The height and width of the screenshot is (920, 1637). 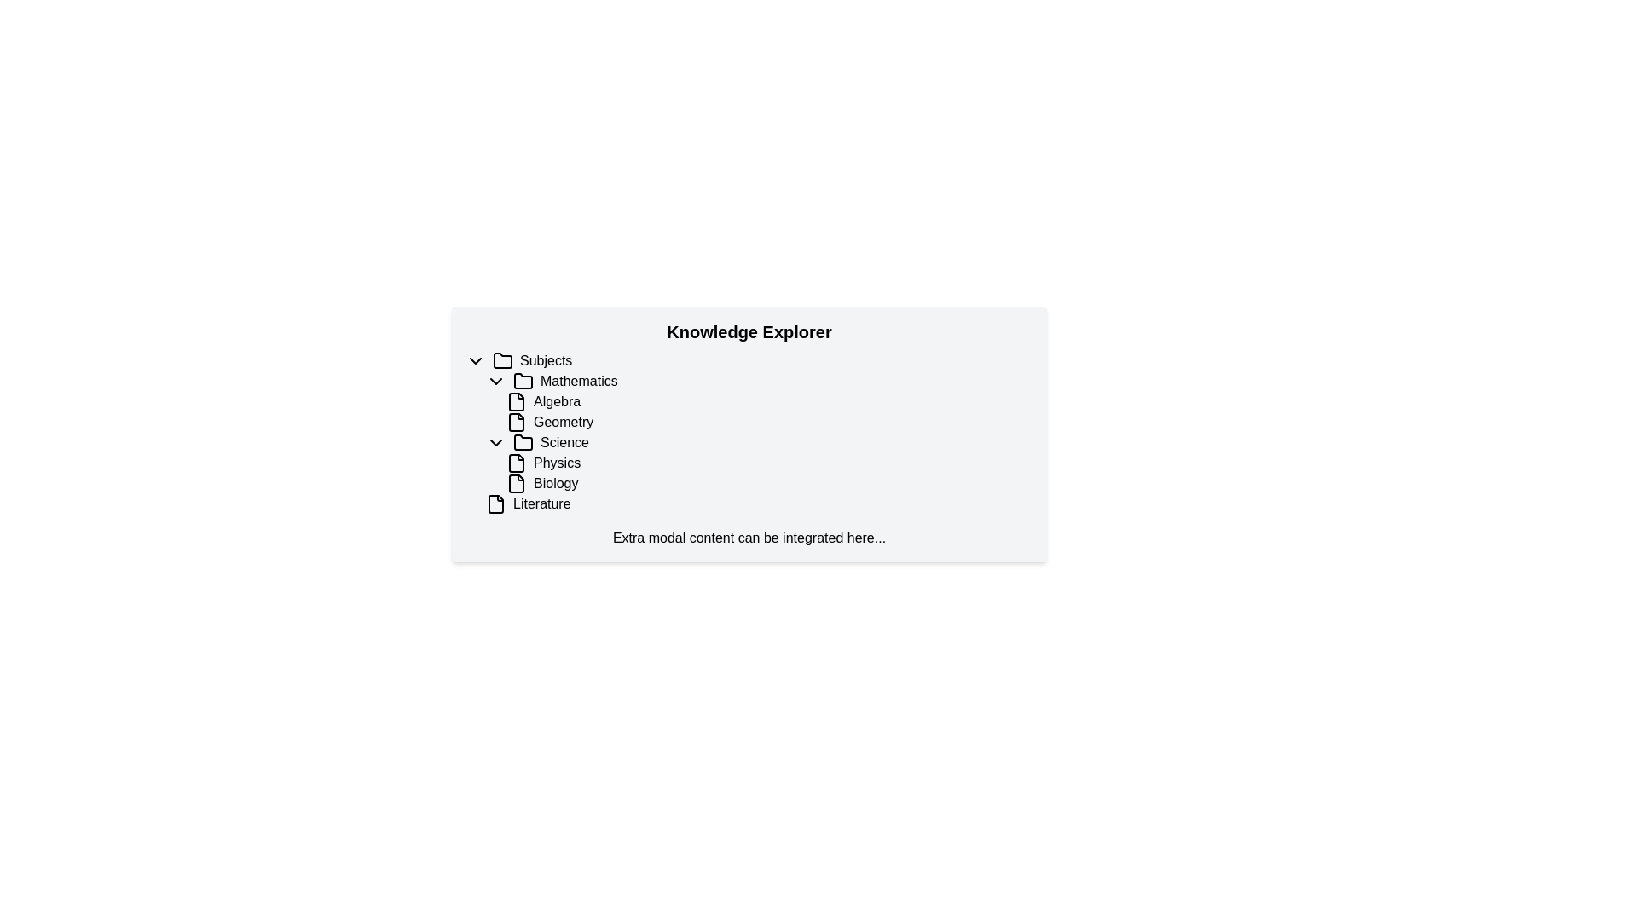 What do you see at coordinates (502, 359) in the screenshot?
I see `the 'Subjects' folder icon located near the top-left of the knowledge categories tree structure` at bounding box center [502, 359].